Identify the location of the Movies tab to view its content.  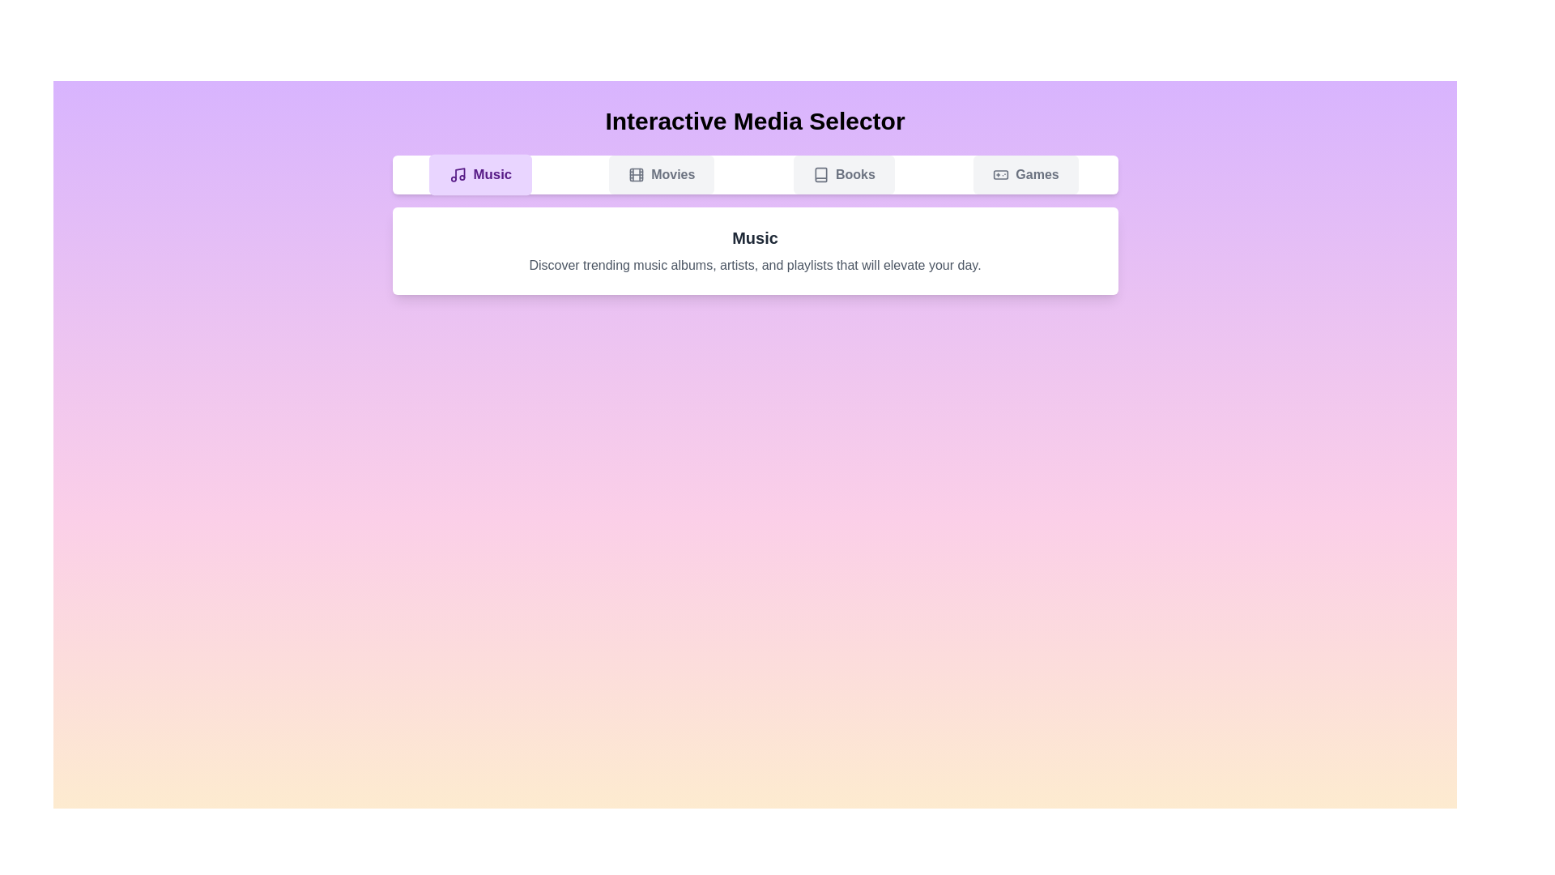
(662, 175).